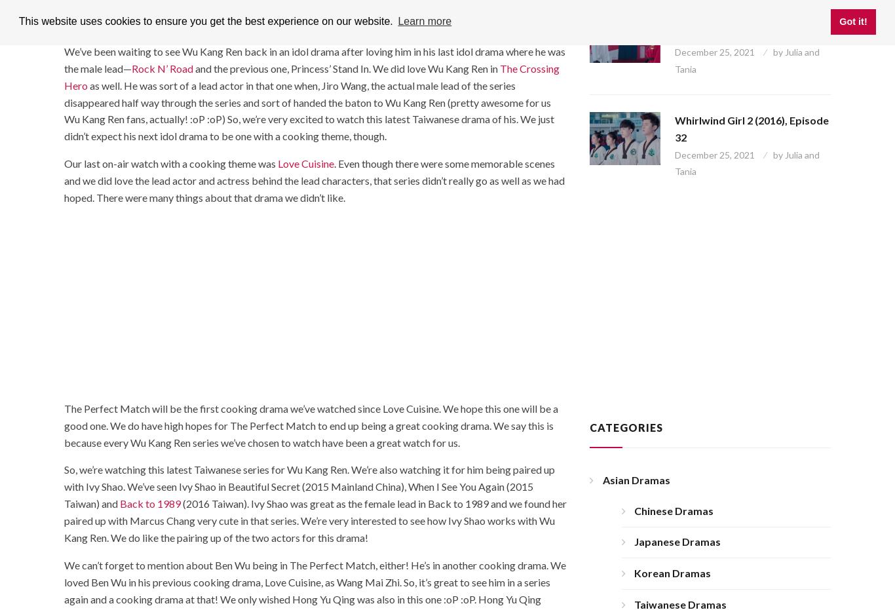 The width and height of the screenshot is (895, 610). What do you see at coordinates (677, 541) in the screenshot?
I see `'Japanese Dramas'` at bounding box center [677, 541].